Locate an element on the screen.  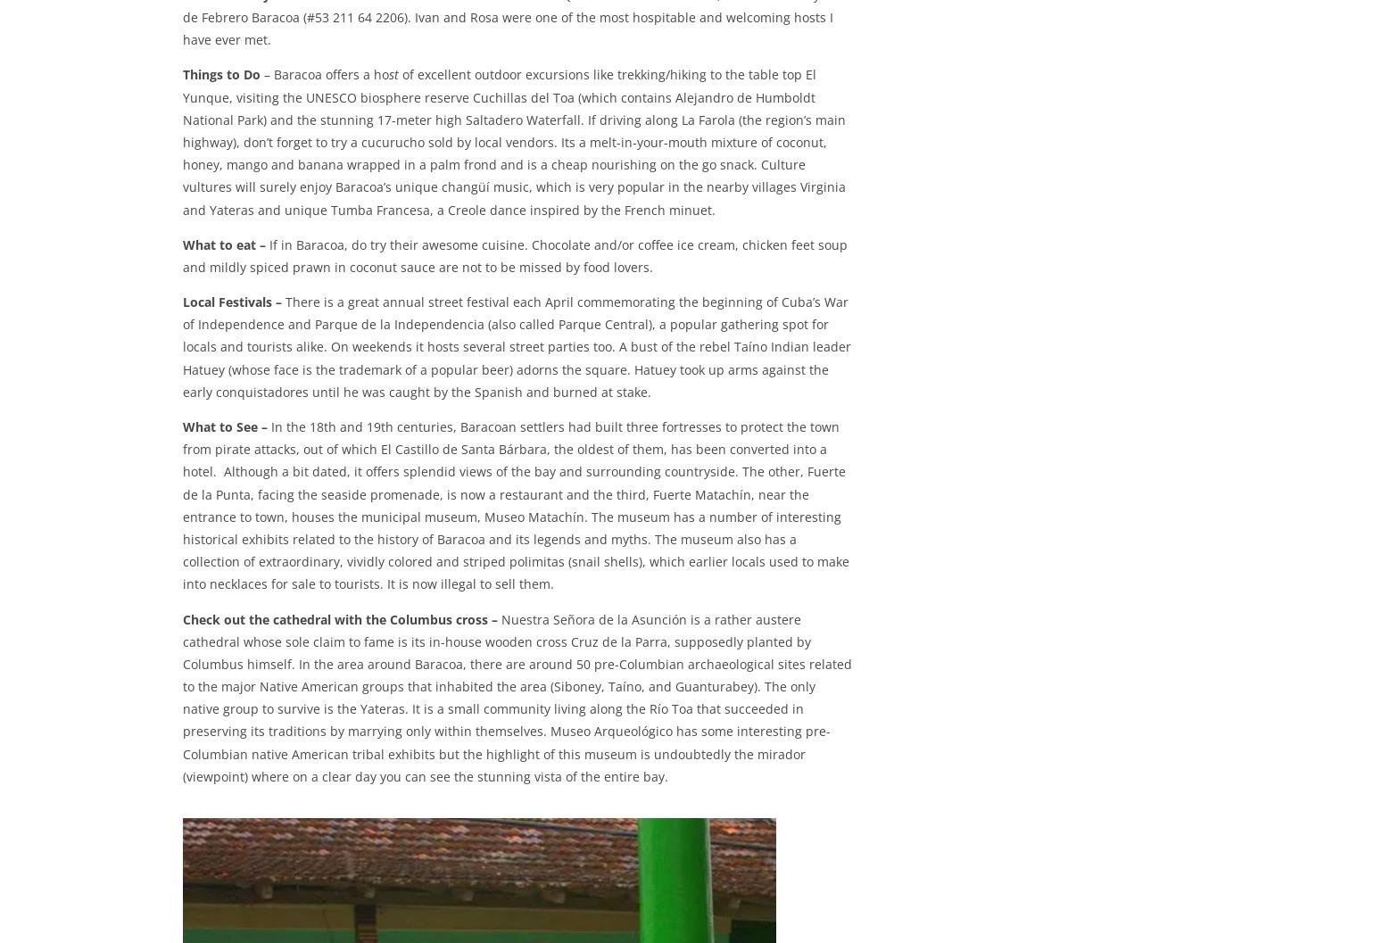
'st' is located at coordinates (389, 75).